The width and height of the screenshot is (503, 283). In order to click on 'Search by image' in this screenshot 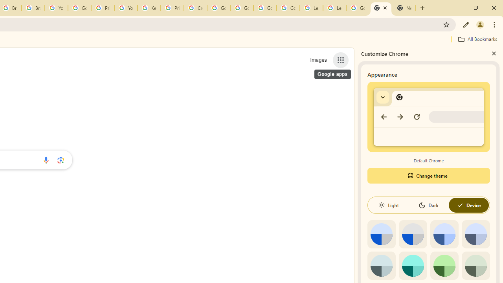, I will do `click(60, 160)`.